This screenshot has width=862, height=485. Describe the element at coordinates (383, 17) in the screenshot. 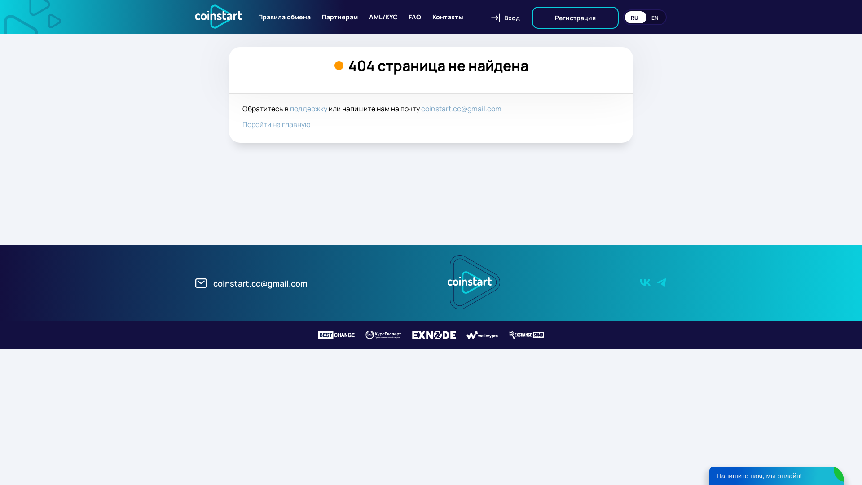

I see `'AML/KYC'` at that location.